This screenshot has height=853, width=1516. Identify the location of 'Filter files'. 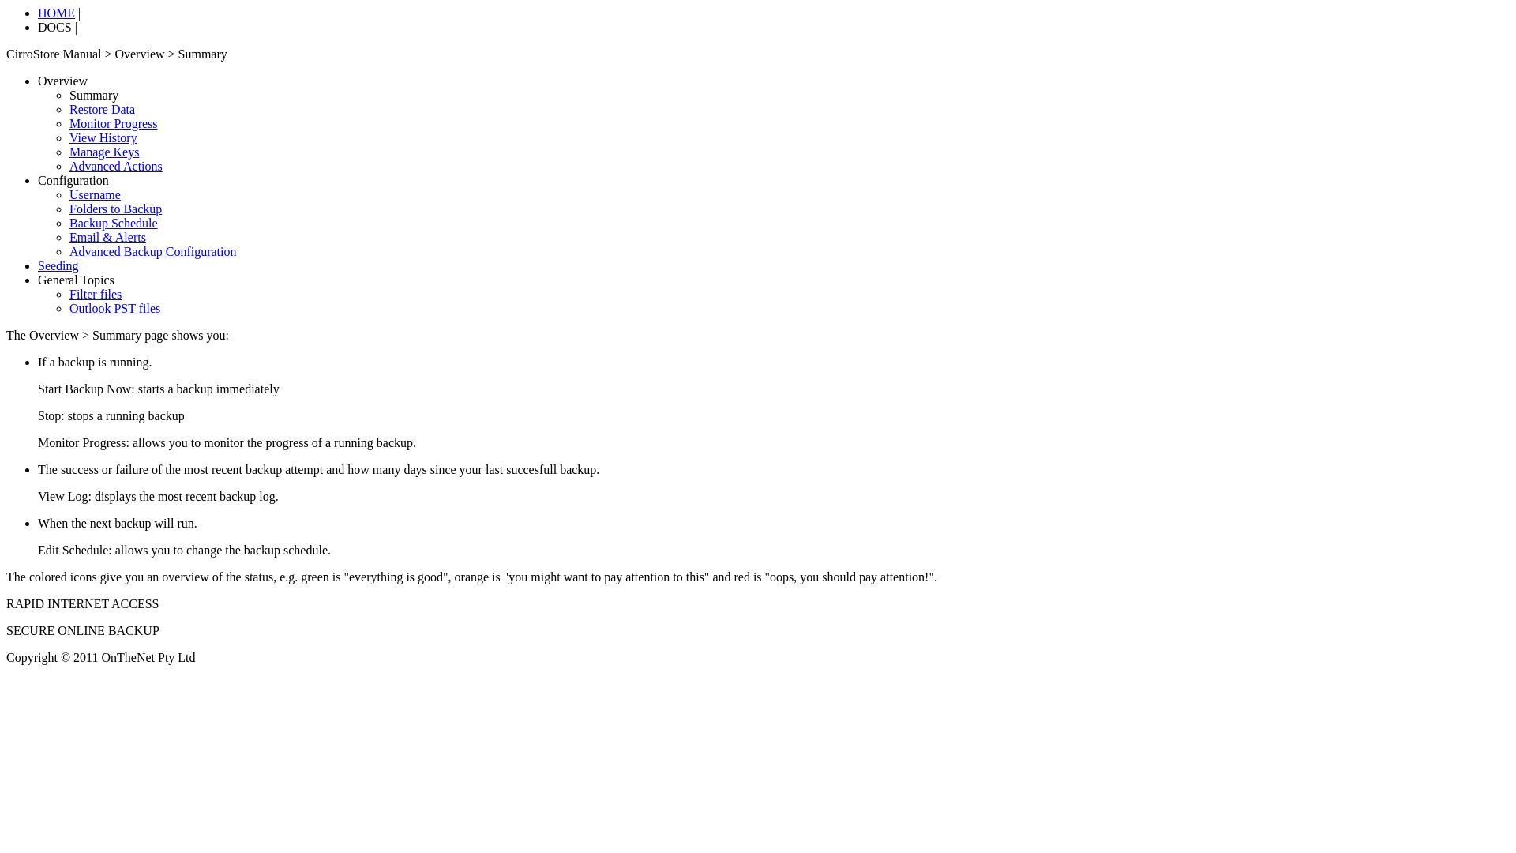
(68, 294).